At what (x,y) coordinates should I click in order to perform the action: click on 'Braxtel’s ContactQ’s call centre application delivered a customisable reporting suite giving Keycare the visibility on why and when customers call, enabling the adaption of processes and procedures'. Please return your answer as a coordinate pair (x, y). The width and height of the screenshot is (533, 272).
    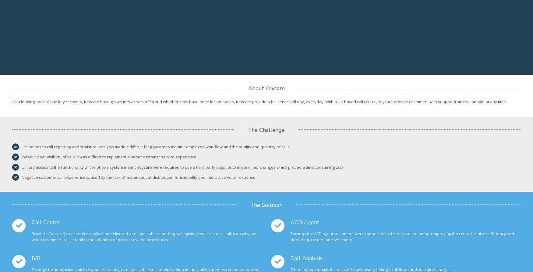
    Looking at the image, I should click on (144, 236).